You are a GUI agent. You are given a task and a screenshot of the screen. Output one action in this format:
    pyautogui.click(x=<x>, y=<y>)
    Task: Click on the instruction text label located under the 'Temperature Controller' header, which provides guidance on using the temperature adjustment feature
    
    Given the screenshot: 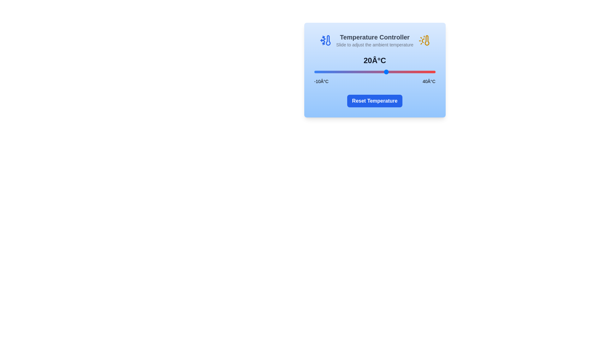 What is the action you would take?
    pyautogui.click(x=375, y=45)
    